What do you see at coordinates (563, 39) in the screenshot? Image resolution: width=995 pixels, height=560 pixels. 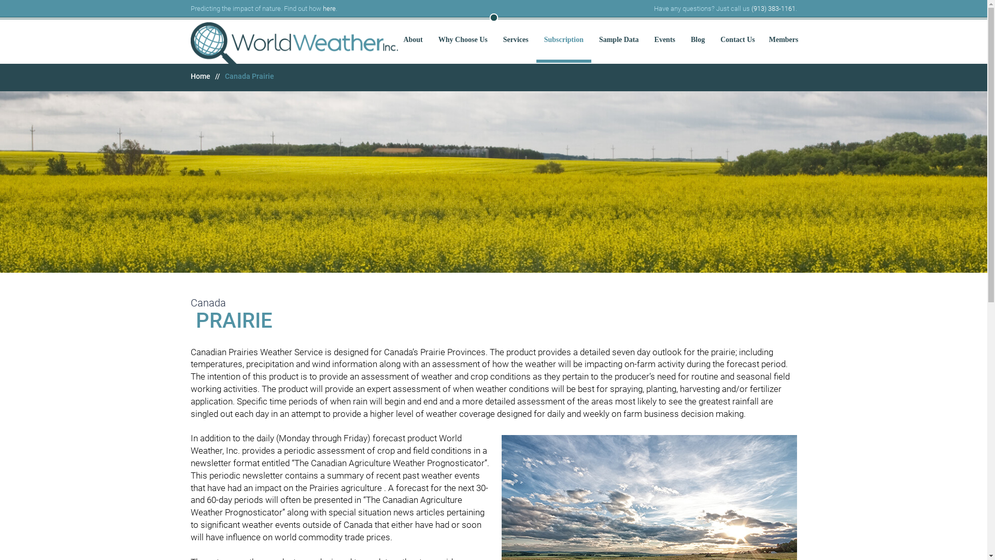 I see `'Subscription'` at bounding box center [563, 39].